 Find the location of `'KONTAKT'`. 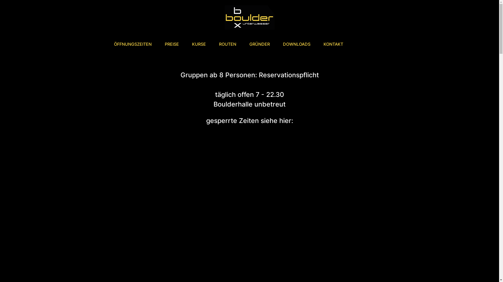

'KONTAKT' is located at coordinates (333, 44).